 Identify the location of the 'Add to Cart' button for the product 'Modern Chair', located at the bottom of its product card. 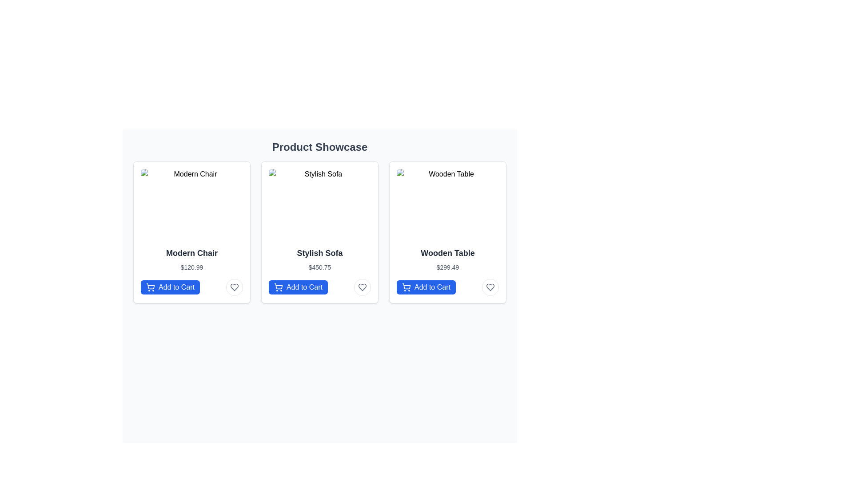
(191, 287).